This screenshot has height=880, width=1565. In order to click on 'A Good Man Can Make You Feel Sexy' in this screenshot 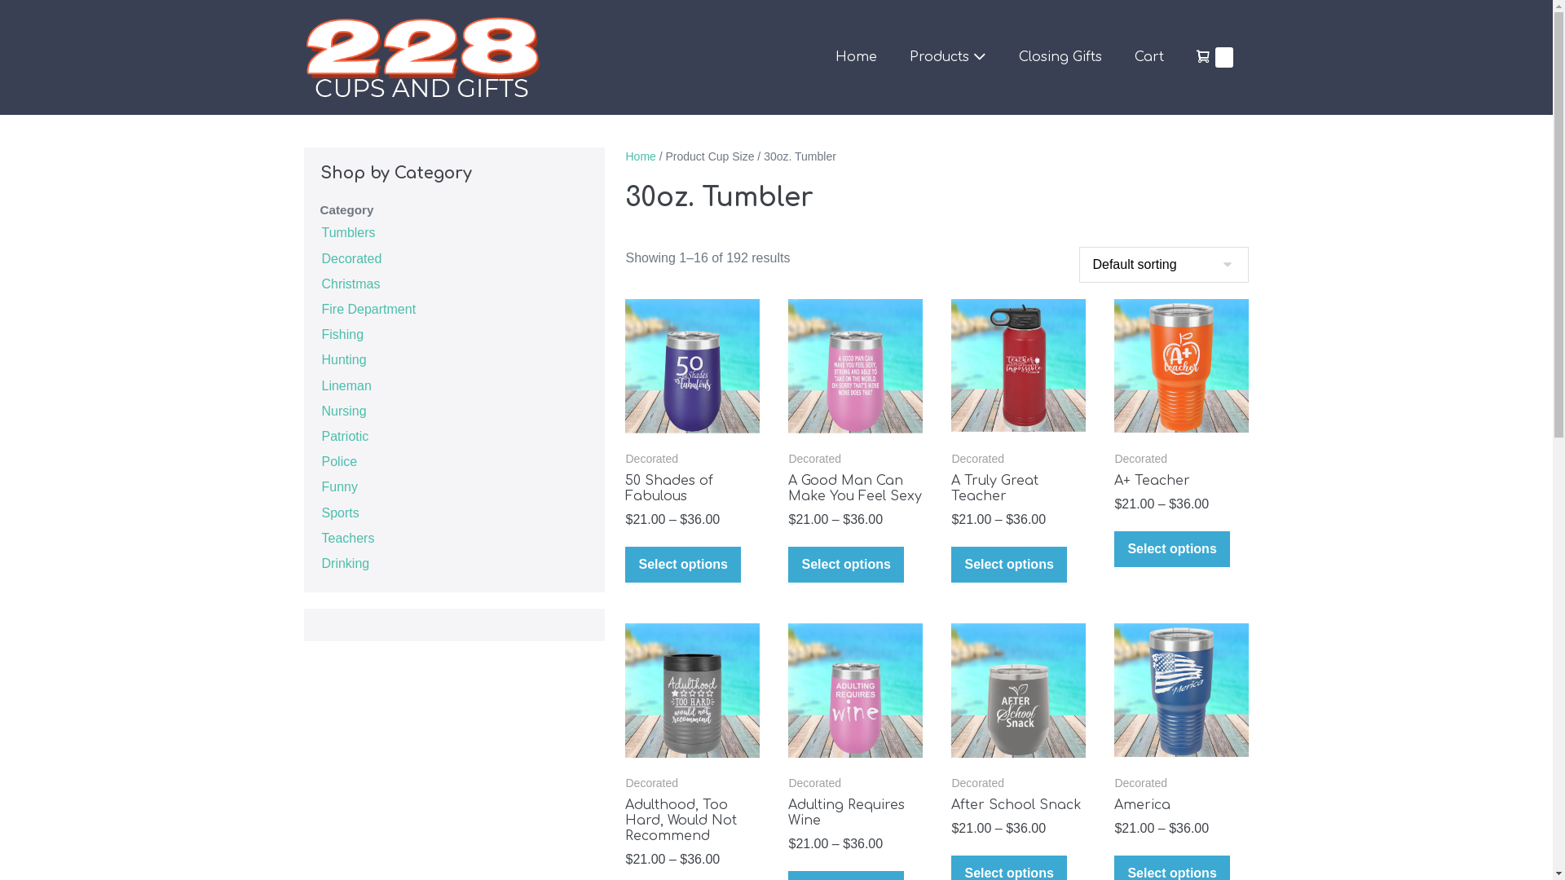, I will do `click(787, 488)`.